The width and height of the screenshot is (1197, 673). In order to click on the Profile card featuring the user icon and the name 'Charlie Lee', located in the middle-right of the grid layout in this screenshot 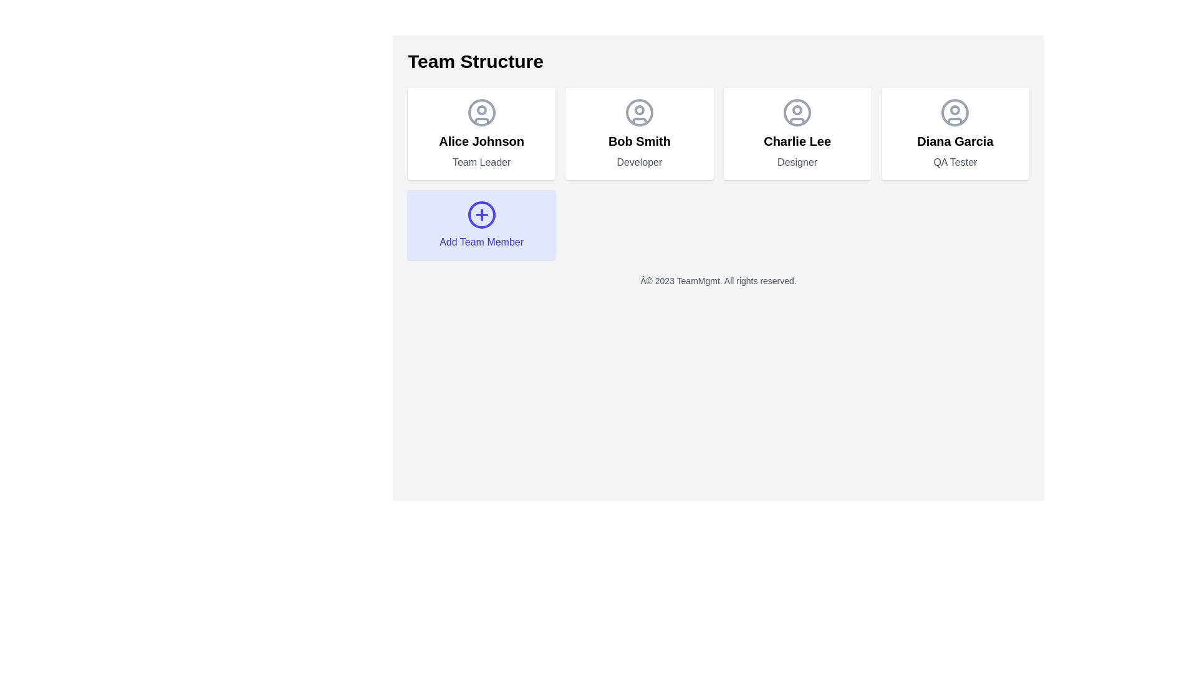, I will do `click(797, 134)`.